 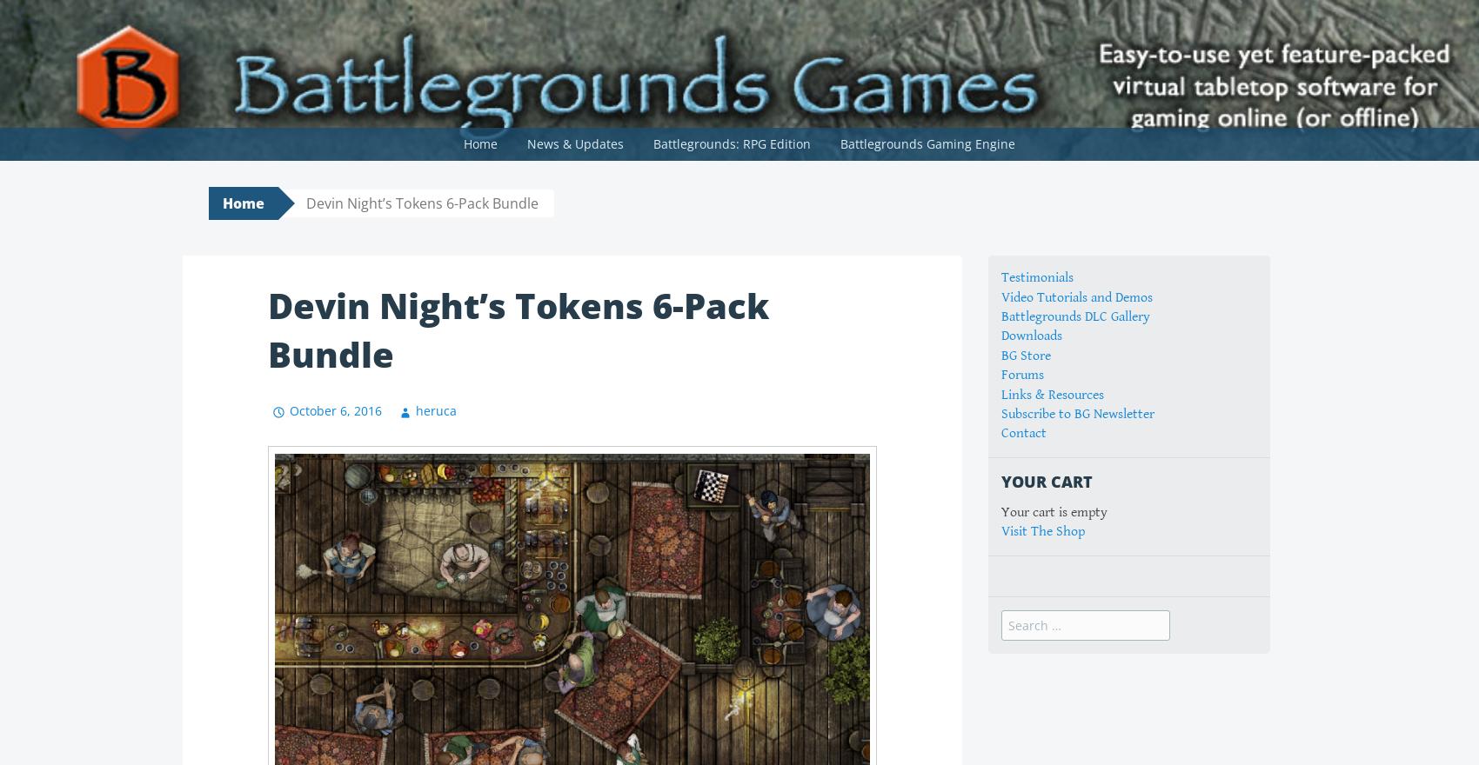 I want to click on 'BG Store', so click(x=1025, y=355).